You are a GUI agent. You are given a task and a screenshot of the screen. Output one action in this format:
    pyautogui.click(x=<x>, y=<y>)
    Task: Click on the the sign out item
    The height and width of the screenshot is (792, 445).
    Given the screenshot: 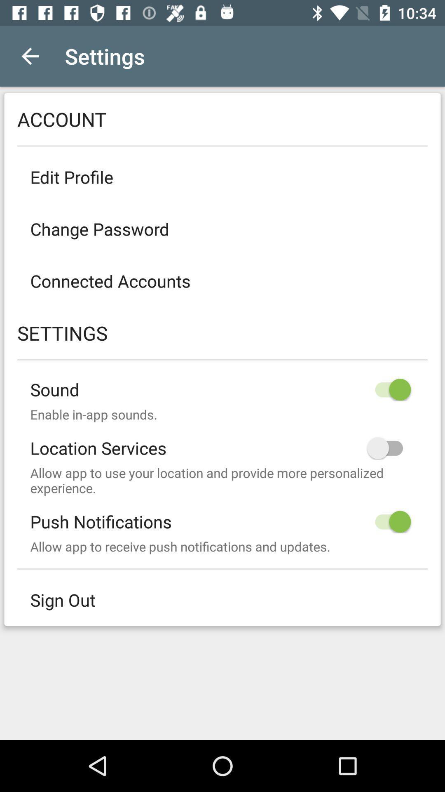 What is the action you would take?
    pyautogui.click(x=222, y=600)
    